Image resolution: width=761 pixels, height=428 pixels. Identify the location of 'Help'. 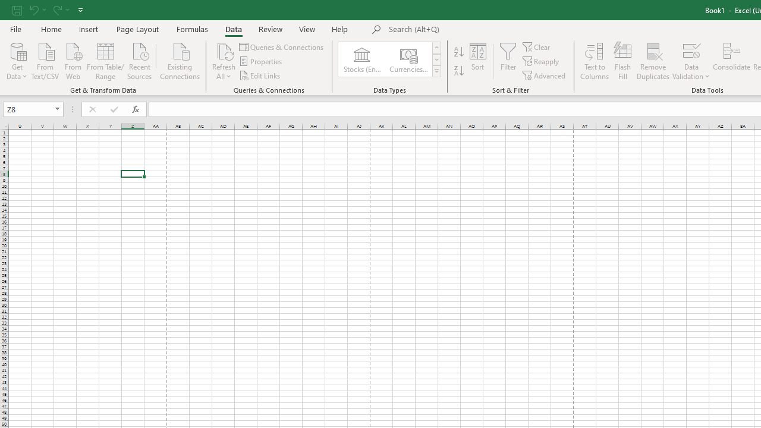
(339, 29).